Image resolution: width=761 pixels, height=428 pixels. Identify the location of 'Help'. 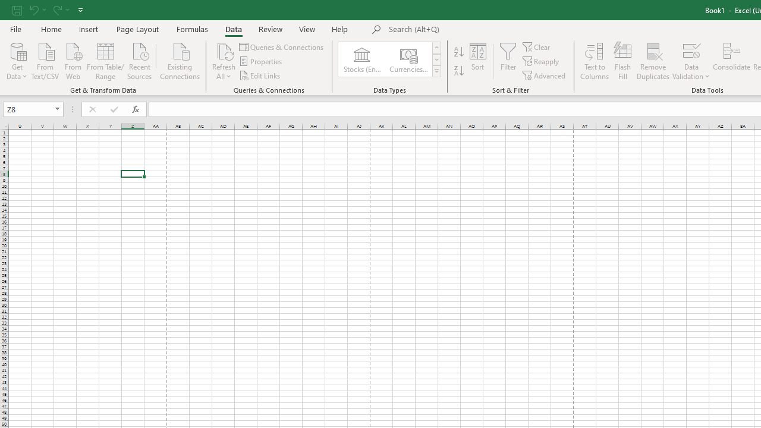
(339, 29).